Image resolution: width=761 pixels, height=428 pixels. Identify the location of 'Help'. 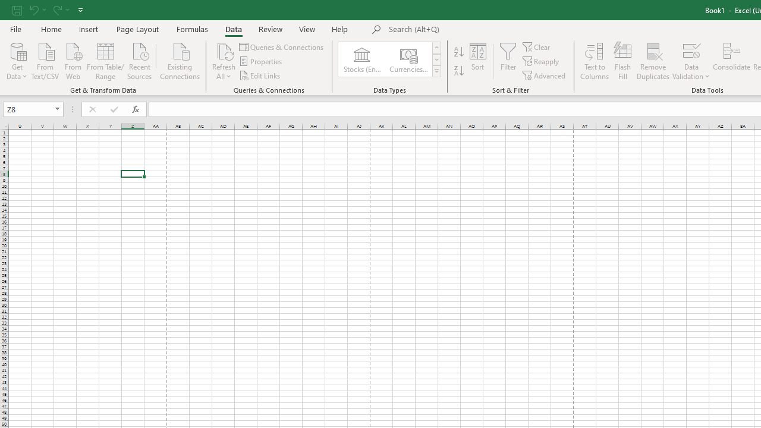
(339, 29).